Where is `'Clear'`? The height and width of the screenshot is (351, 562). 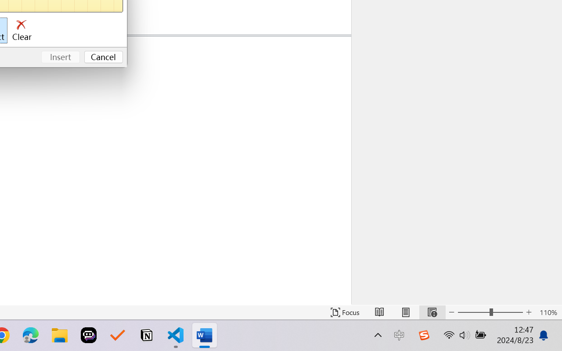 'Clear' is located at coordinates (22, 30).